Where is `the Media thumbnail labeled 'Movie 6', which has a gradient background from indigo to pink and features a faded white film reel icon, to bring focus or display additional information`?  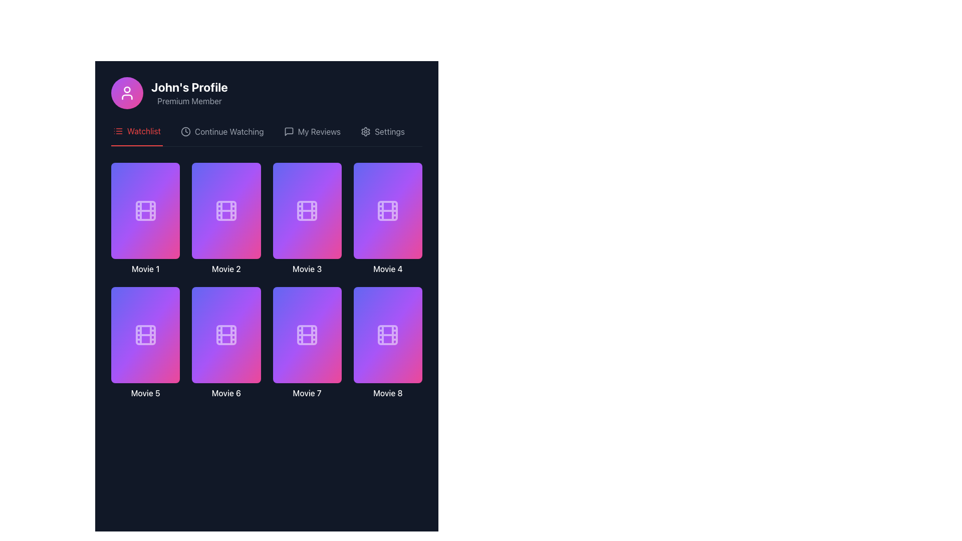 the Media thumbnail labeled 'Movie 6', which has a gradient background from indigo to pink and features a faded white film reel icon, to bring focus or display additional information is located at coordinates (225, 335).